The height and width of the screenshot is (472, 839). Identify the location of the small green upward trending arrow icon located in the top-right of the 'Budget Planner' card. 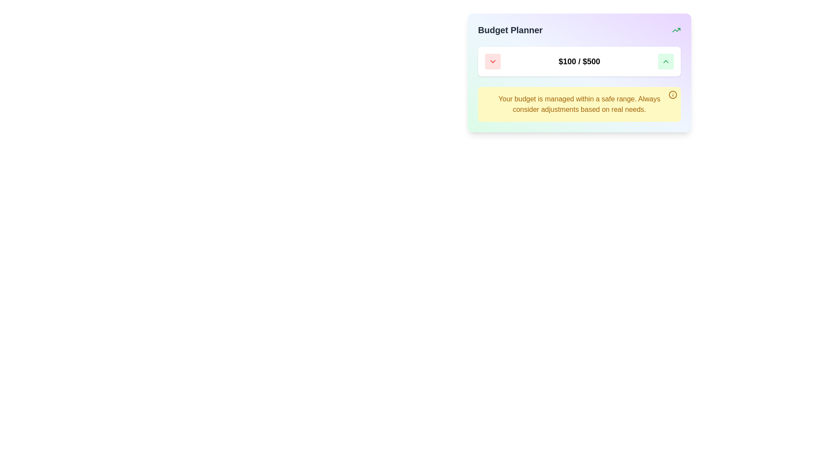
(676, 30).